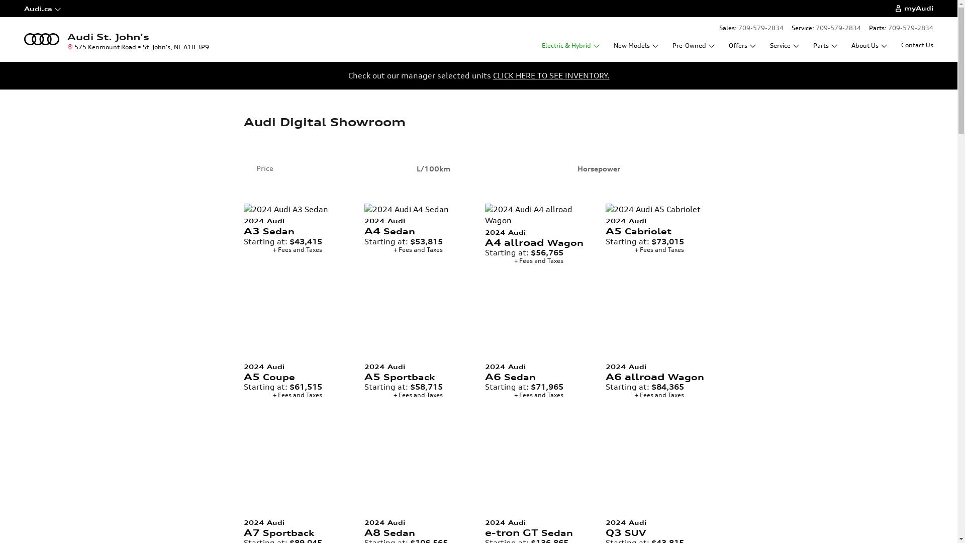 The height and width of the screenshot is (543, 965). I want to click on 'Parts', so click(825, 45).